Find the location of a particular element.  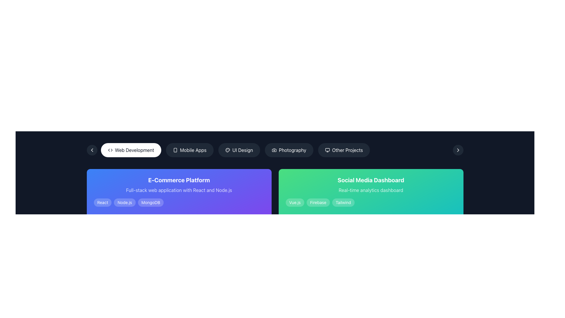

the 'Other Projects' button, which displays the text in white font within a rounded rectangular button on a dark gray background is located at coordinates (347, 150).